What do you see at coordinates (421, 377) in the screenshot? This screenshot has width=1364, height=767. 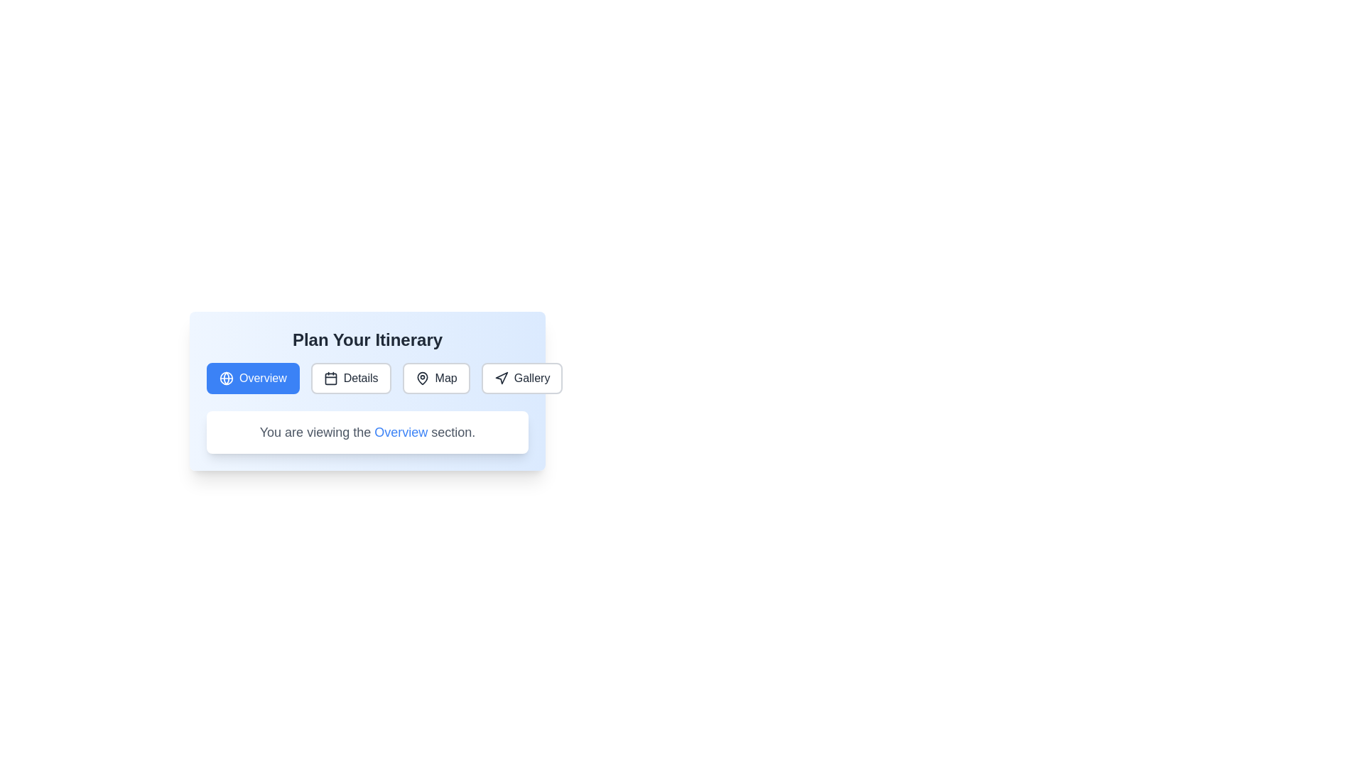 I see `the map pin icon within the 'Map' button located in the navigation section labeled 'Plan Your Itinerary'` at bounding box center [421, 377].